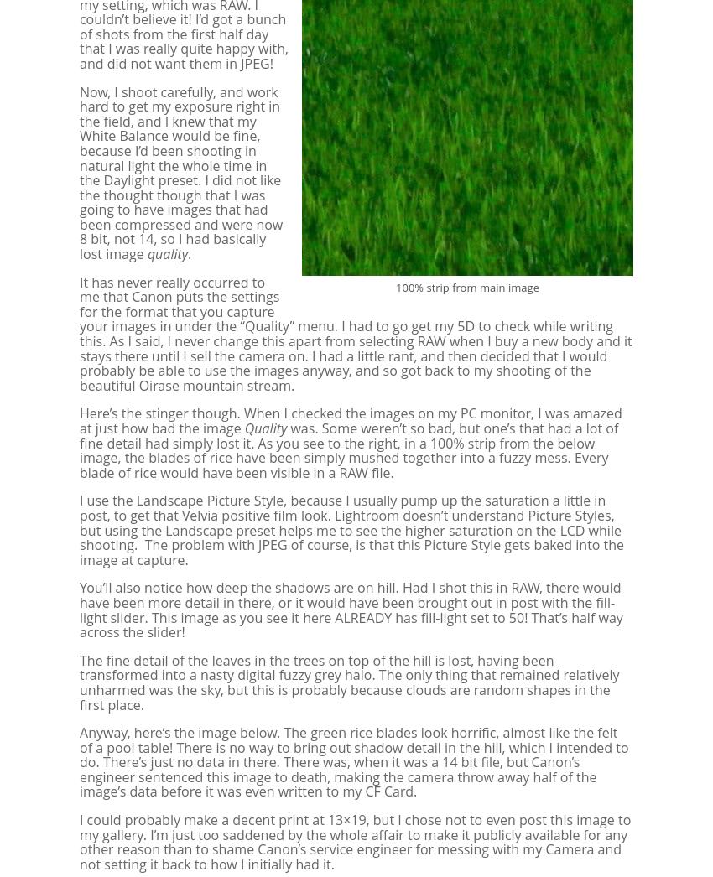 The height and width of the screenshot is (877, 713). I want to click on 'Here’s the stinger though. When I checked the images on my PC monitor, I was amazed at just how bad the image', so click(351, 420).